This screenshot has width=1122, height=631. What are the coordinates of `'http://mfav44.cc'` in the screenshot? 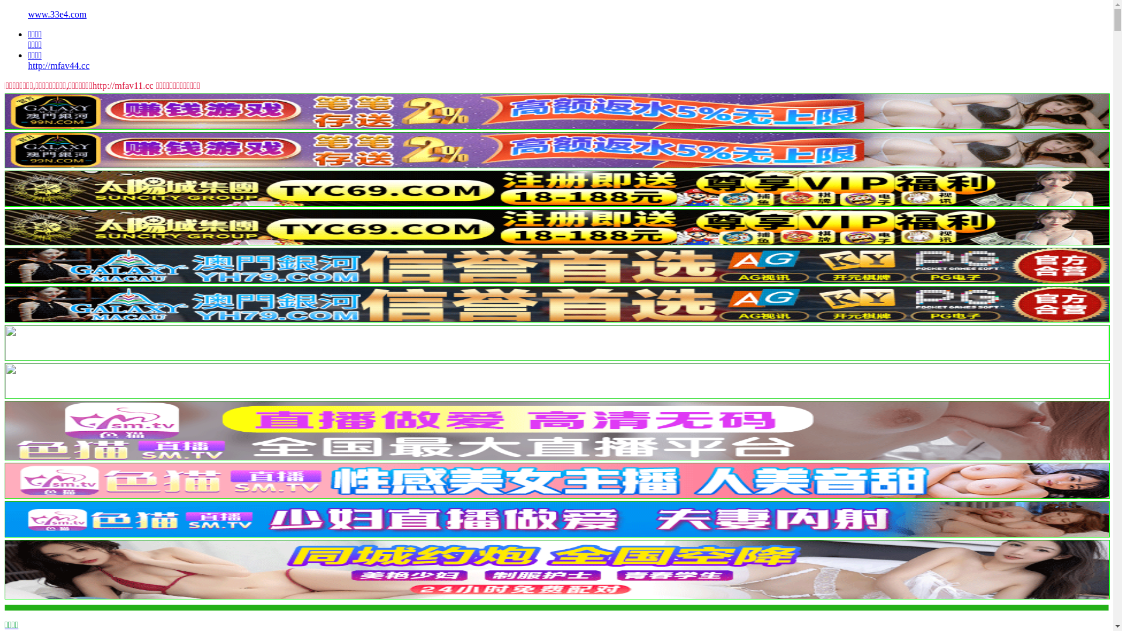 It's located at (58, 65).